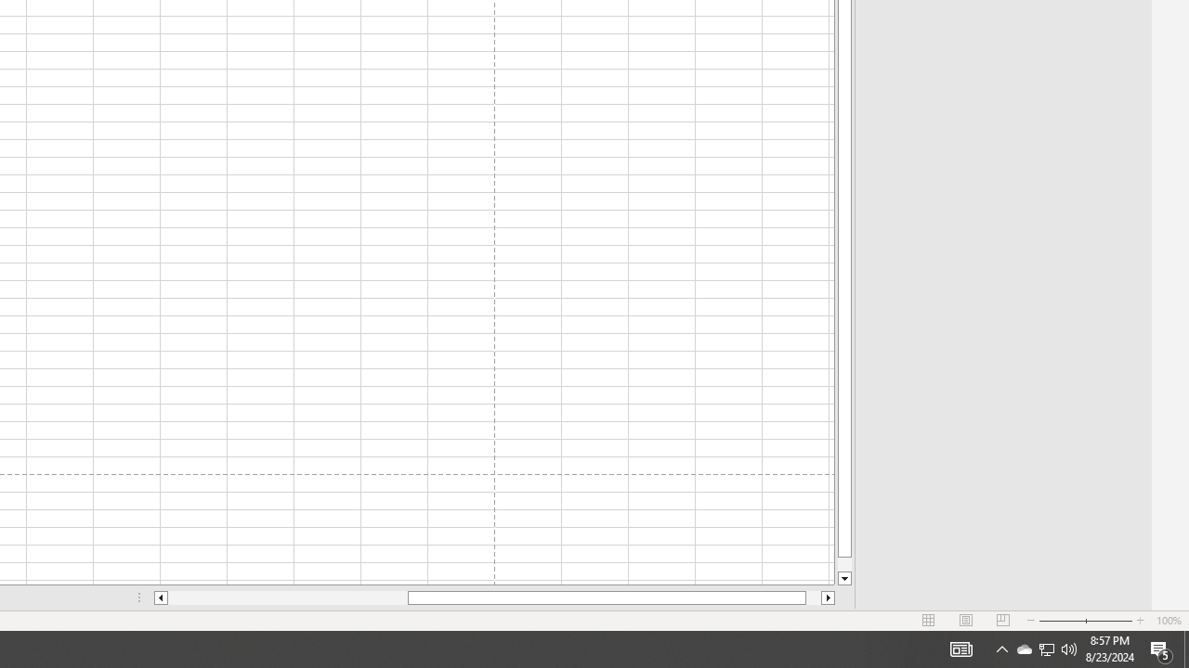 The image size is (1189, 668). Describe the element at coordinates (1139, 621) in the screenshot. I see `'Zoom In'` at that location.